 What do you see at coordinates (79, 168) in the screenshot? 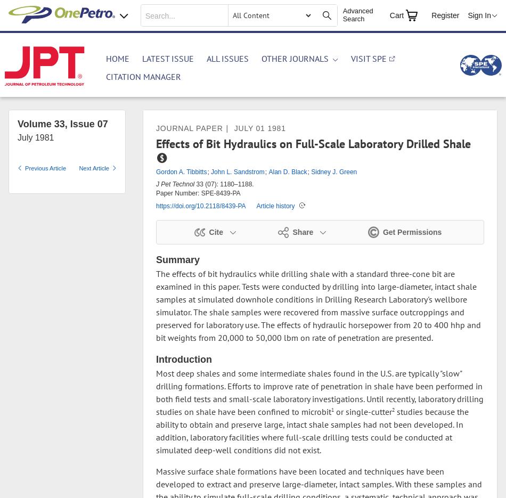
I see `'Next'` at bounding box center [79, 168].